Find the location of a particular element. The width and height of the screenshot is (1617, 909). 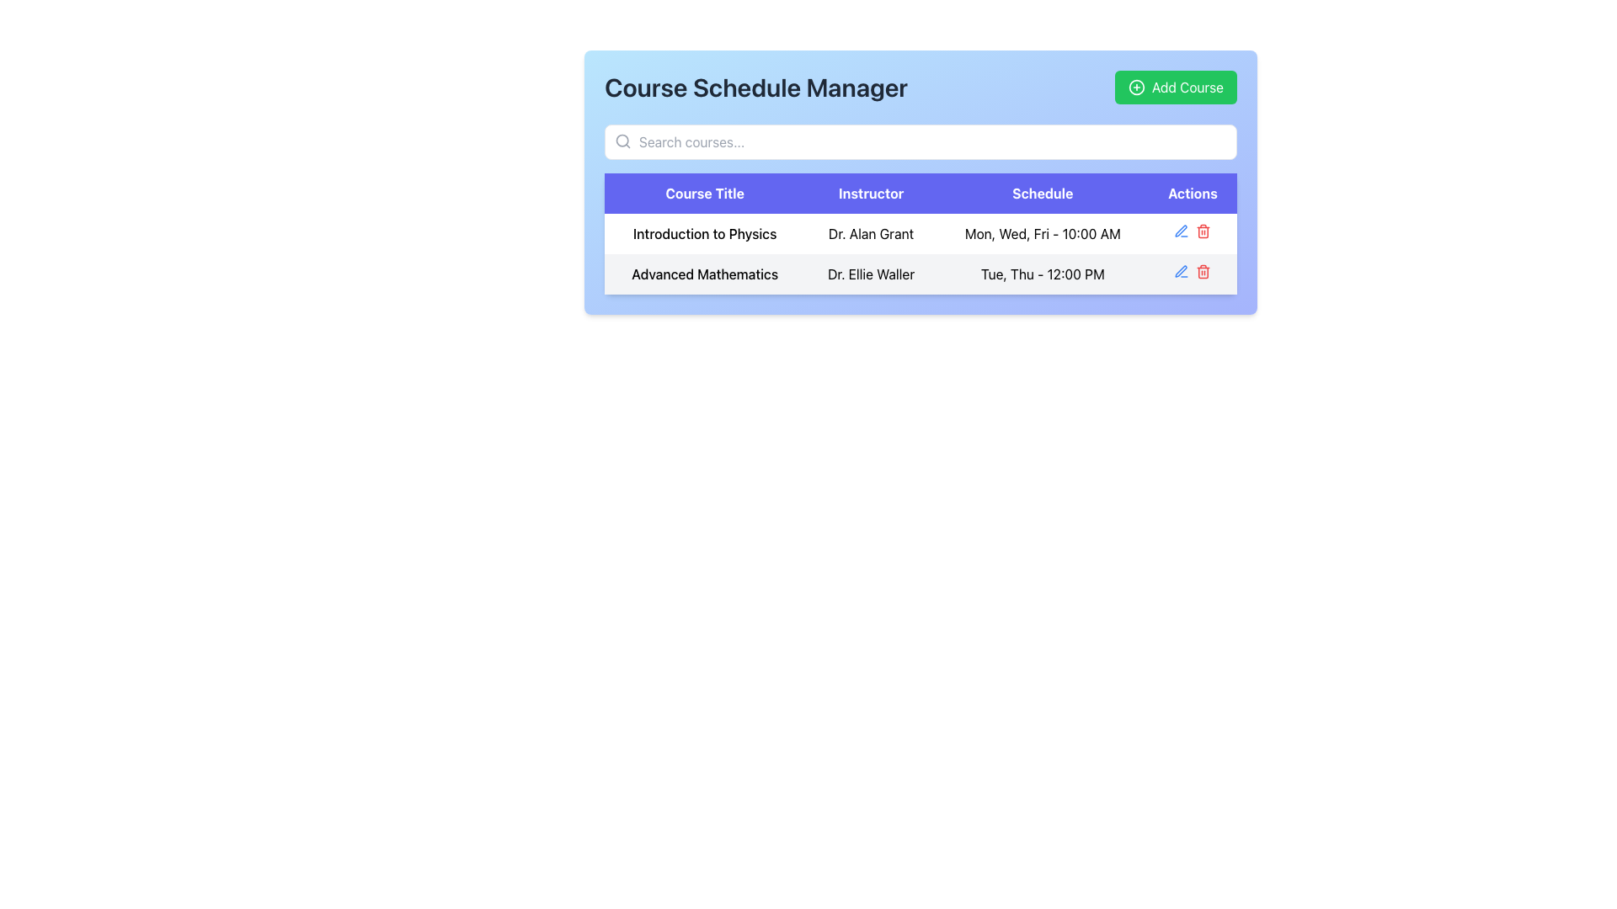

the cell in the course schedule data table is located at coordinates (920, 243).